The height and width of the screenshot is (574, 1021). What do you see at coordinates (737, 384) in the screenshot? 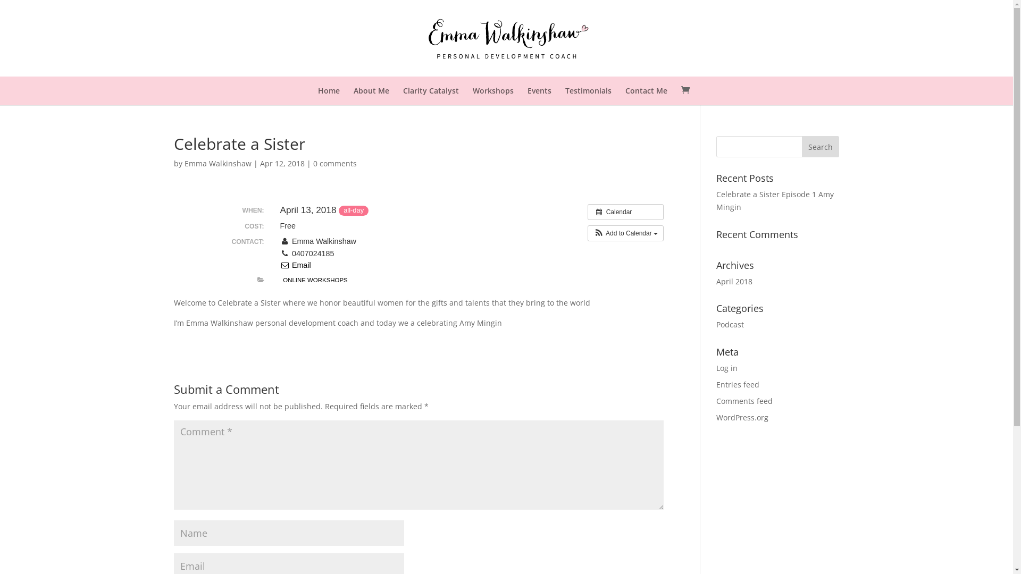
I see `'Entries feed'` at bounding box center [737, 384].